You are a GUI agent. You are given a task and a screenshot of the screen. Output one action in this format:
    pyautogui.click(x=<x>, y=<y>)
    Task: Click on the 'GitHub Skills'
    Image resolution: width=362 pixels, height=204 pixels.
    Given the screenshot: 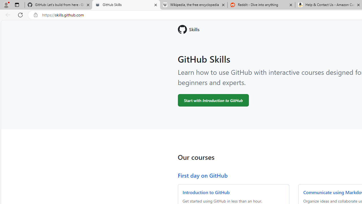 What is the action you would take?
    pyautogui.click(x=126, y=5)
    